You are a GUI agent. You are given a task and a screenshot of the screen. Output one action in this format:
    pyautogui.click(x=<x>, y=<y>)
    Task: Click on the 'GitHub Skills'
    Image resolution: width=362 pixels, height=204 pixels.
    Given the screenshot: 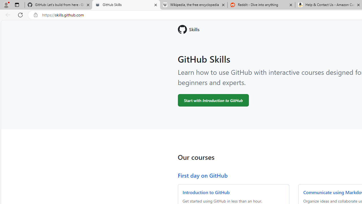 What is the action you would take?
    pyautogui.click(x=126, y=5)
    